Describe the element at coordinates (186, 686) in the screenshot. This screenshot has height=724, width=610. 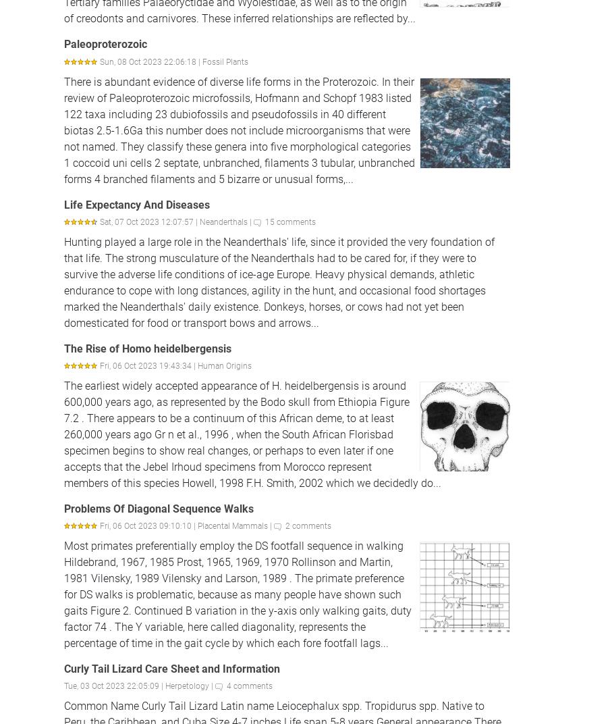
I see `'Herpetology'` at that location.